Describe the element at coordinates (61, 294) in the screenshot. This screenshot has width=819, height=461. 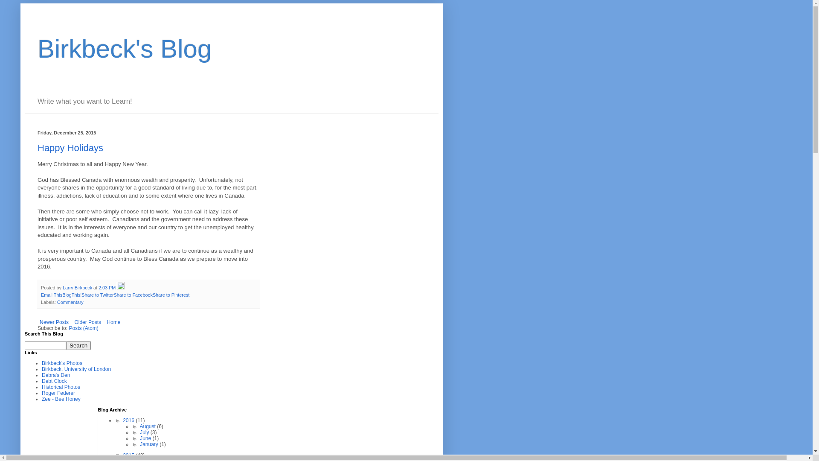
I see `'BlogThis!'` at that location.